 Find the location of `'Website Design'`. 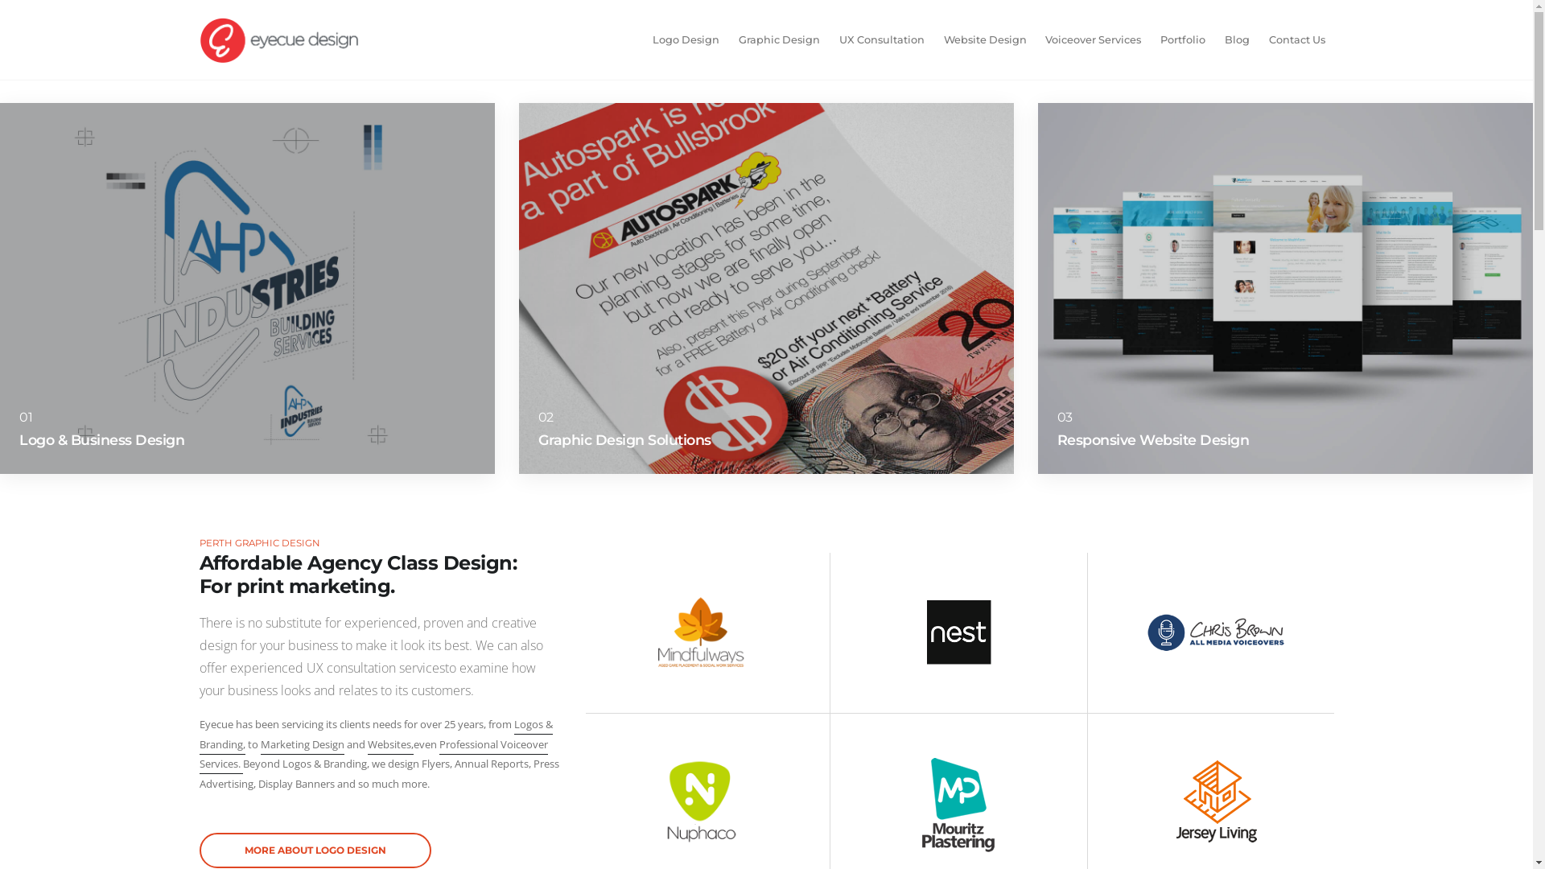

'Website Design' is located at coordinates (984, 39).